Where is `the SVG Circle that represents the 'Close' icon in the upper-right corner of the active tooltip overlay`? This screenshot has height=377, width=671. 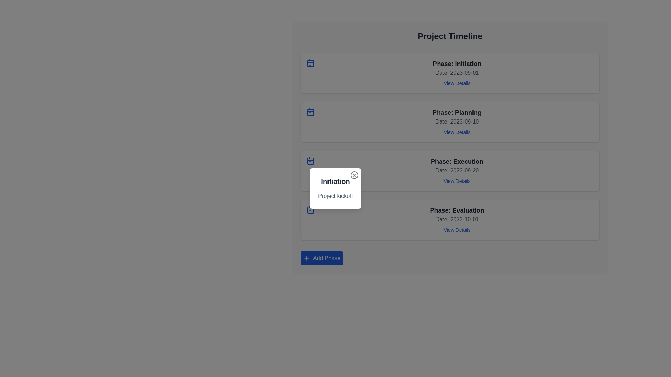 the SVG Circle that represents the 'Close' icon in the upper-right corner of the active tooltip overlay is located at coordinates (354, 175).